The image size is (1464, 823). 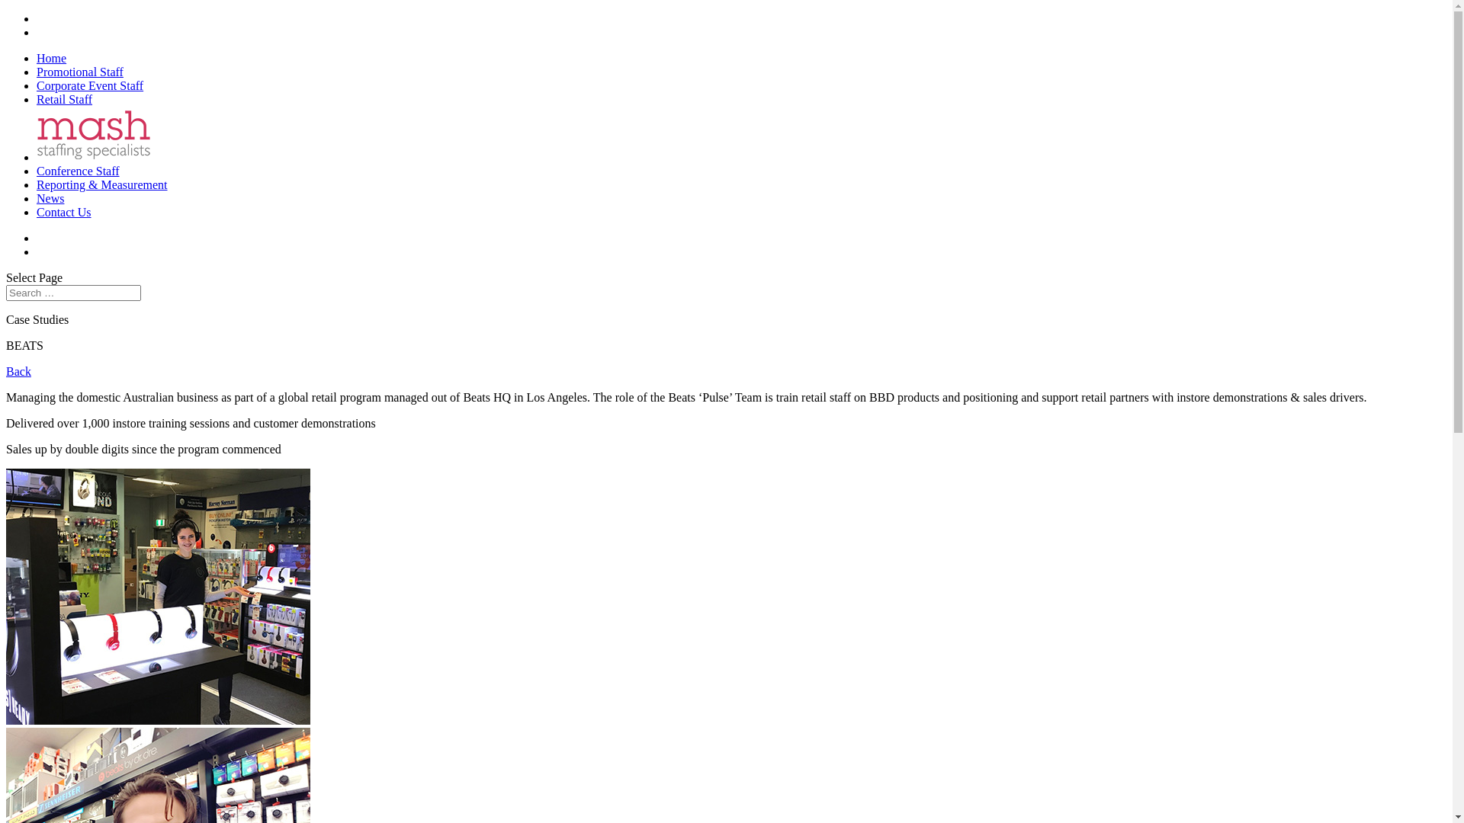 I want to click on 'Contact Us', so click(x=63, y=212).